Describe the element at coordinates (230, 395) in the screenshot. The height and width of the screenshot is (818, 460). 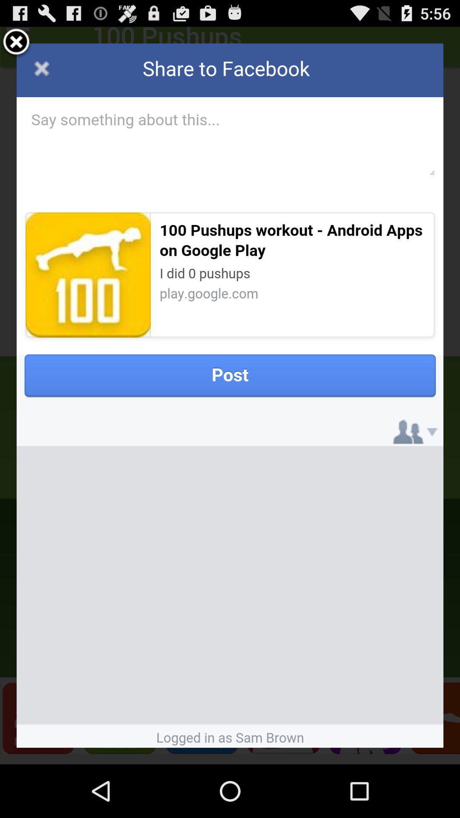
I see `share to facebook` at that location.